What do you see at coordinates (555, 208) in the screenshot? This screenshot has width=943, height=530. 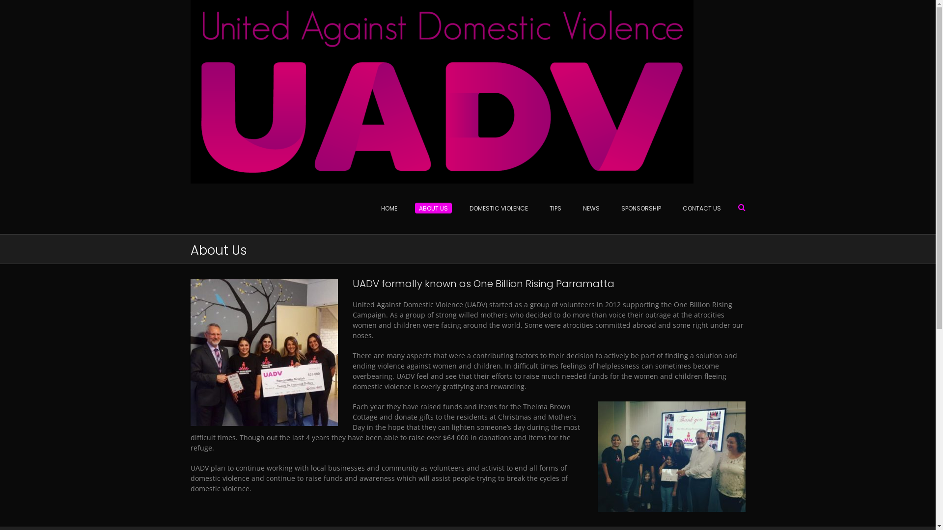 I see `'TIPS'` at bounding box center [555, 208].